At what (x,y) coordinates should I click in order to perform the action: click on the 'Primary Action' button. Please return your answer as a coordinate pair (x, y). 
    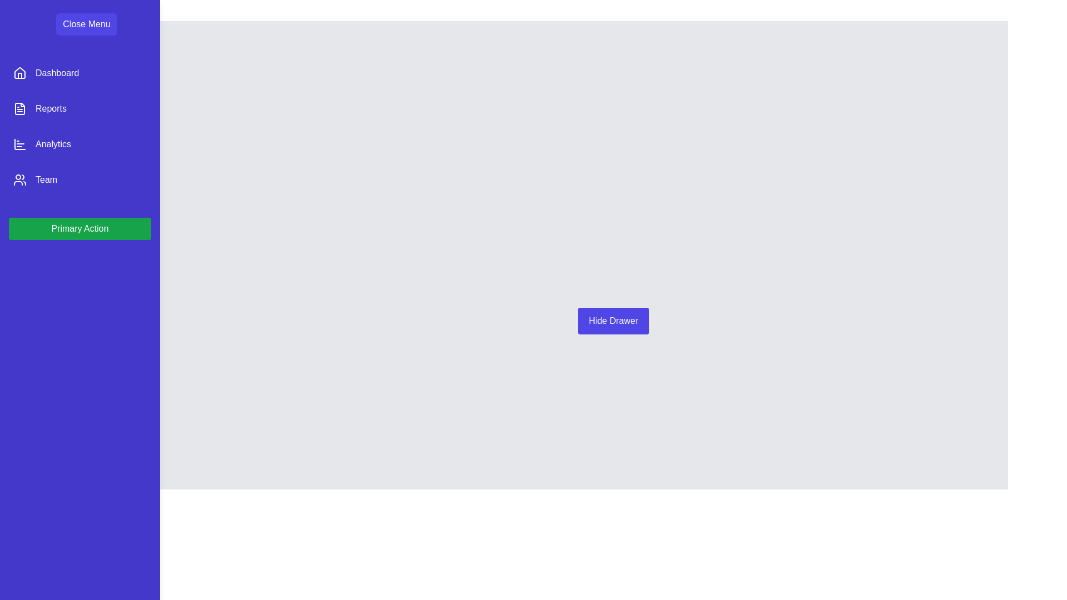
    Looking at the image, I should click on (79, 228).